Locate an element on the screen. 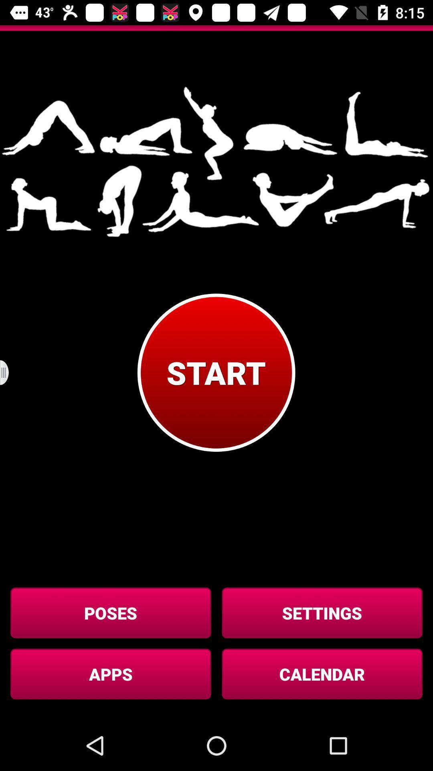 This screenshot has height=771, width=433. button next to apps button is located at coordinates (322, 674).